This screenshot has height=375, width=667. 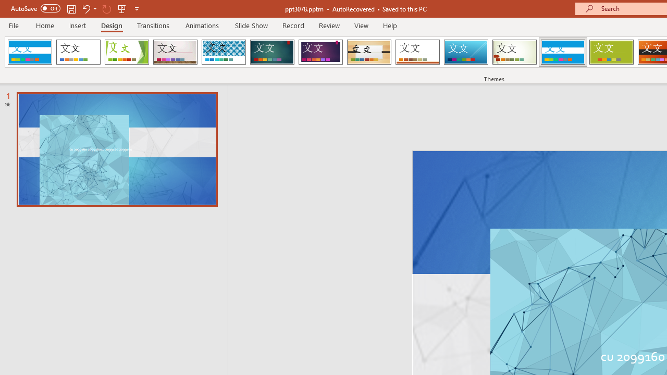 What do you see at coordinates (78, 52) in the screenshot?
I see `'Office Theme'` at bounding box center [78, 52].